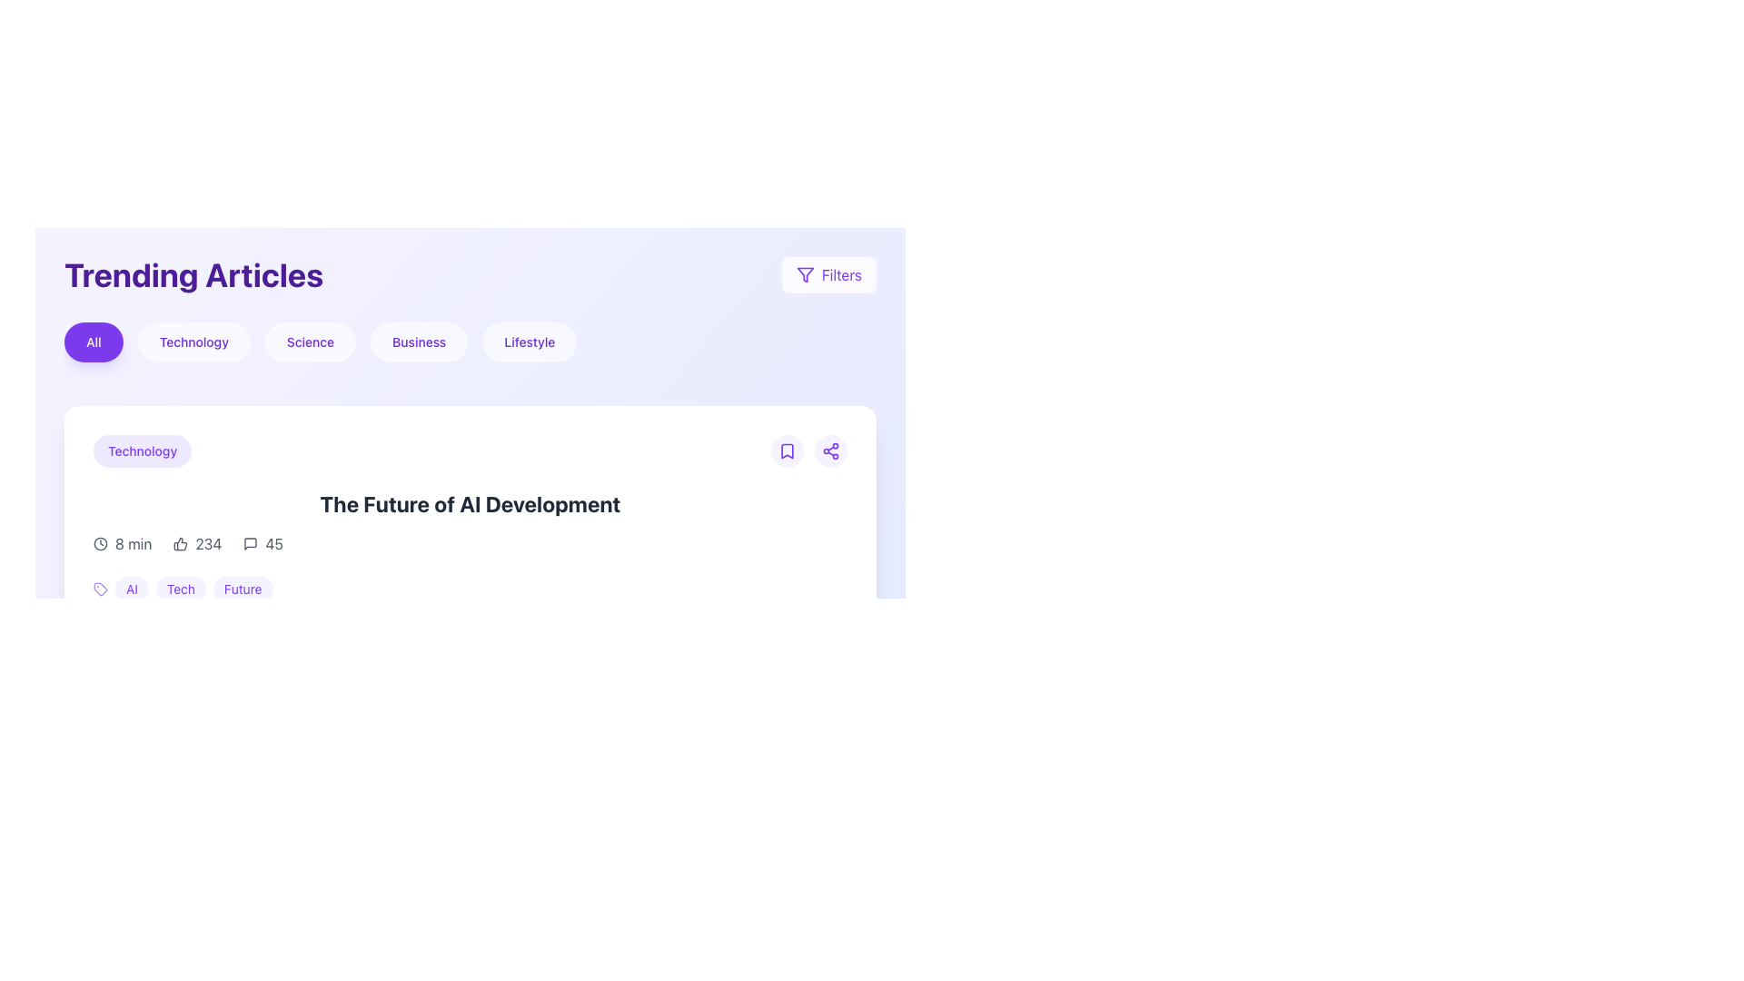 The width and height of the screenshot is (1744, 981). I want to click on the 'Science' button located in the horizontal list of category buttons under the 'Trending Articles' heading, so click(310, 342).